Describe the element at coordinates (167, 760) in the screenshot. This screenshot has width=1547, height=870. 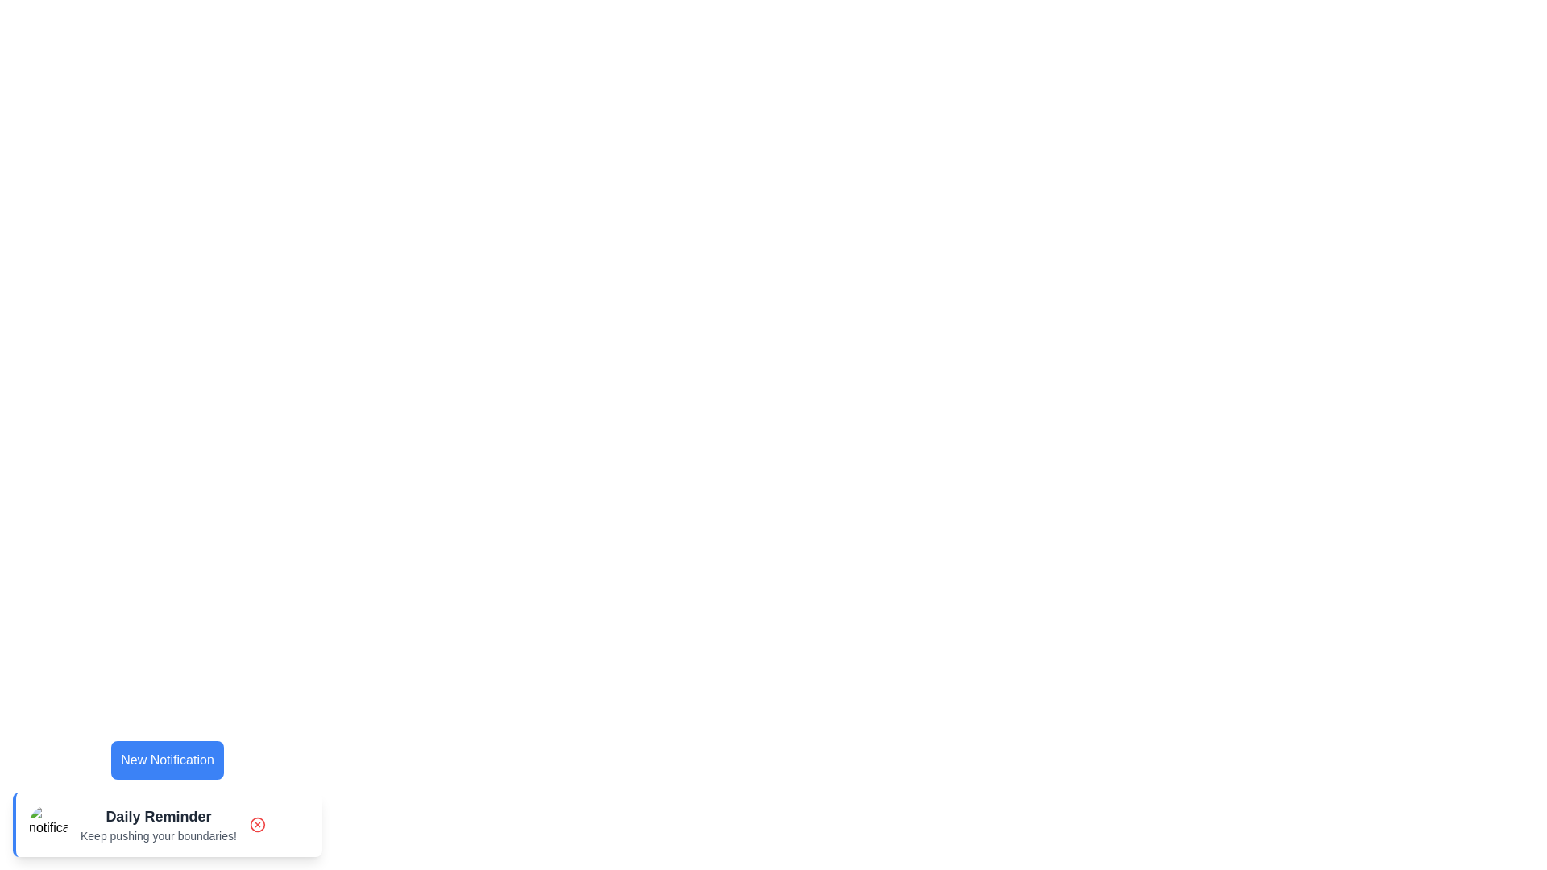
I see `the New Notification Button to observe hover effects` at that location.